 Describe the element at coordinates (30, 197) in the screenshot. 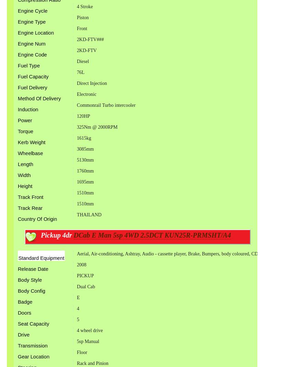

I see `'Track Front'` at that location.